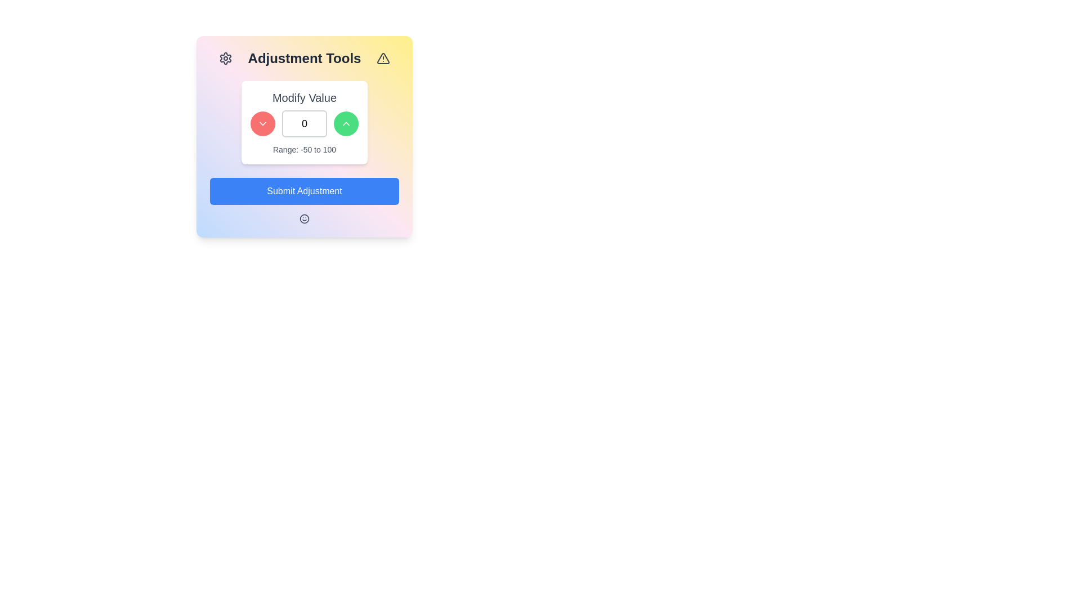  What do you see at coordinates (305, 219) in the screenshot?
I see `the circular smiley face icon with a gray stroke located below the 'Submit Adjustment' button in the 'Adjustment Tools' interface` at bounding box center [305, 219].